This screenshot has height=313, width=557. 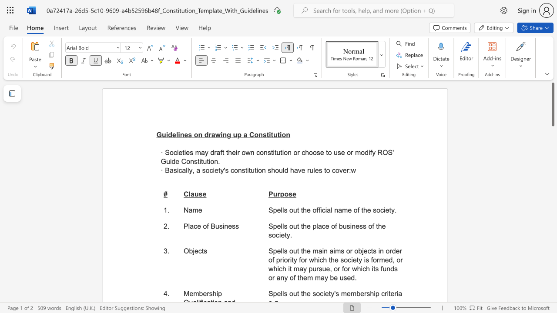 I want to click on the scrollbar to adjust the page downward, so click(x=552, y=256).